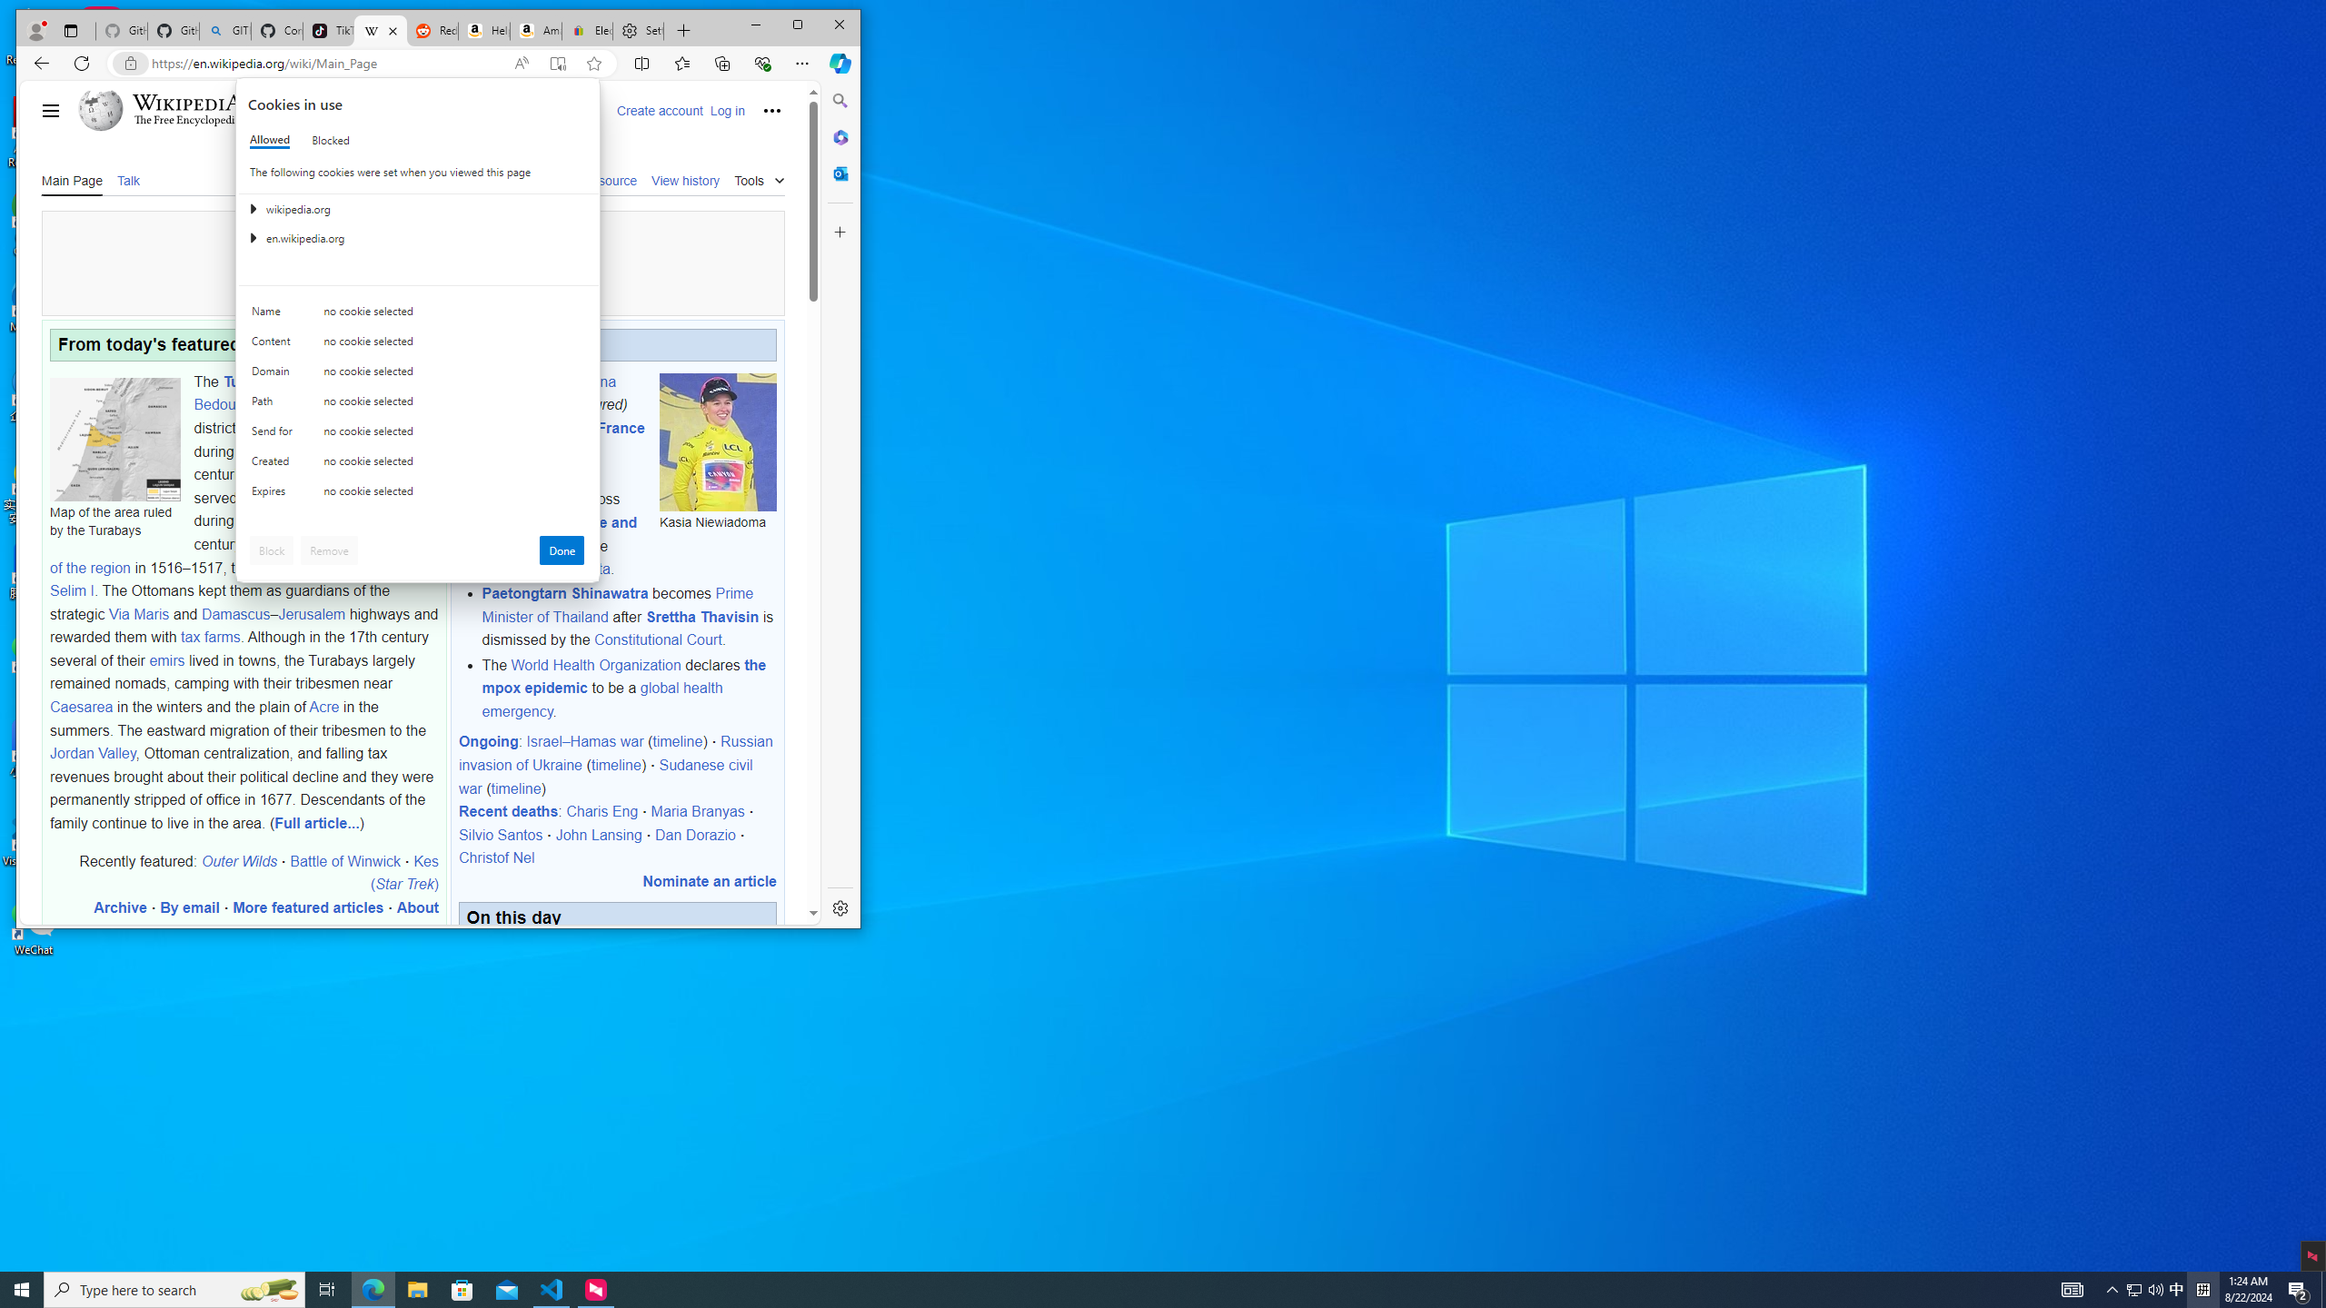 The height and width of the screenshot is (1308, 2326). What do you see at coordinates (372, 1288) in the screenshot?
I see `'Microsoft Edge - 1 running window'` at bounding box center [372, 1288].